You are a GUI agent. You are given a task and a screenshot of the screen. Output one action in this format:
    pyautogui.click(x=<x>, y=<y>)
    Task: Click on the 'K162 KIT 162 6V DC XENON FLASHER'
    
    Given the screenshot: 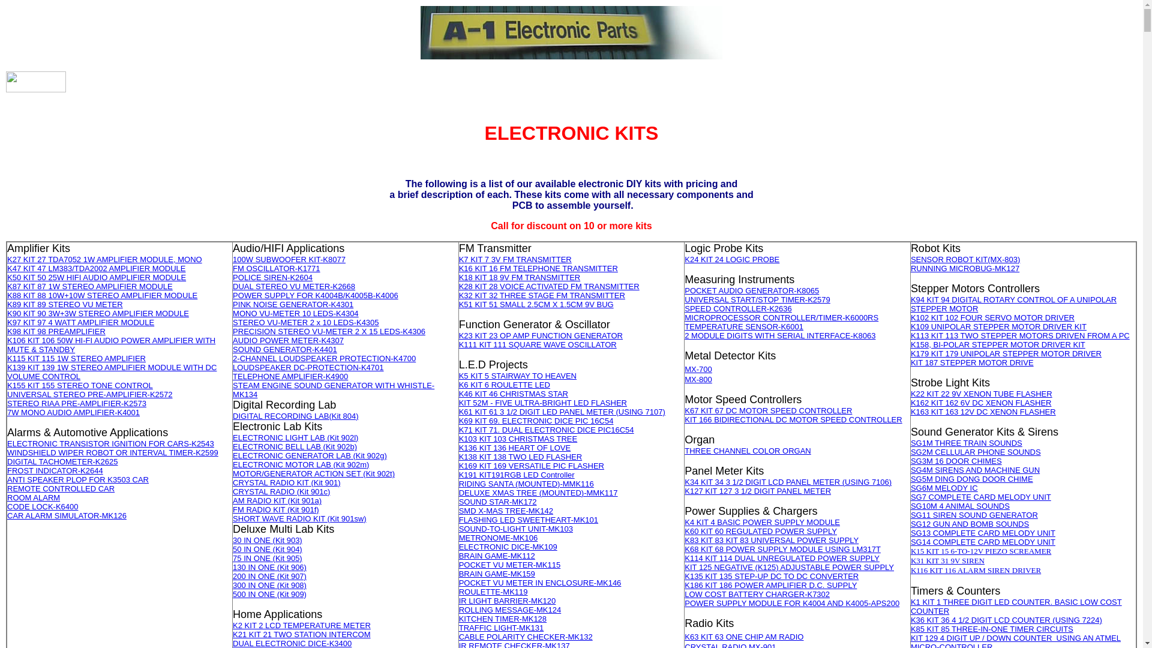 What is the action you would take?
    pyautogui.click(x=981, y=403)
    